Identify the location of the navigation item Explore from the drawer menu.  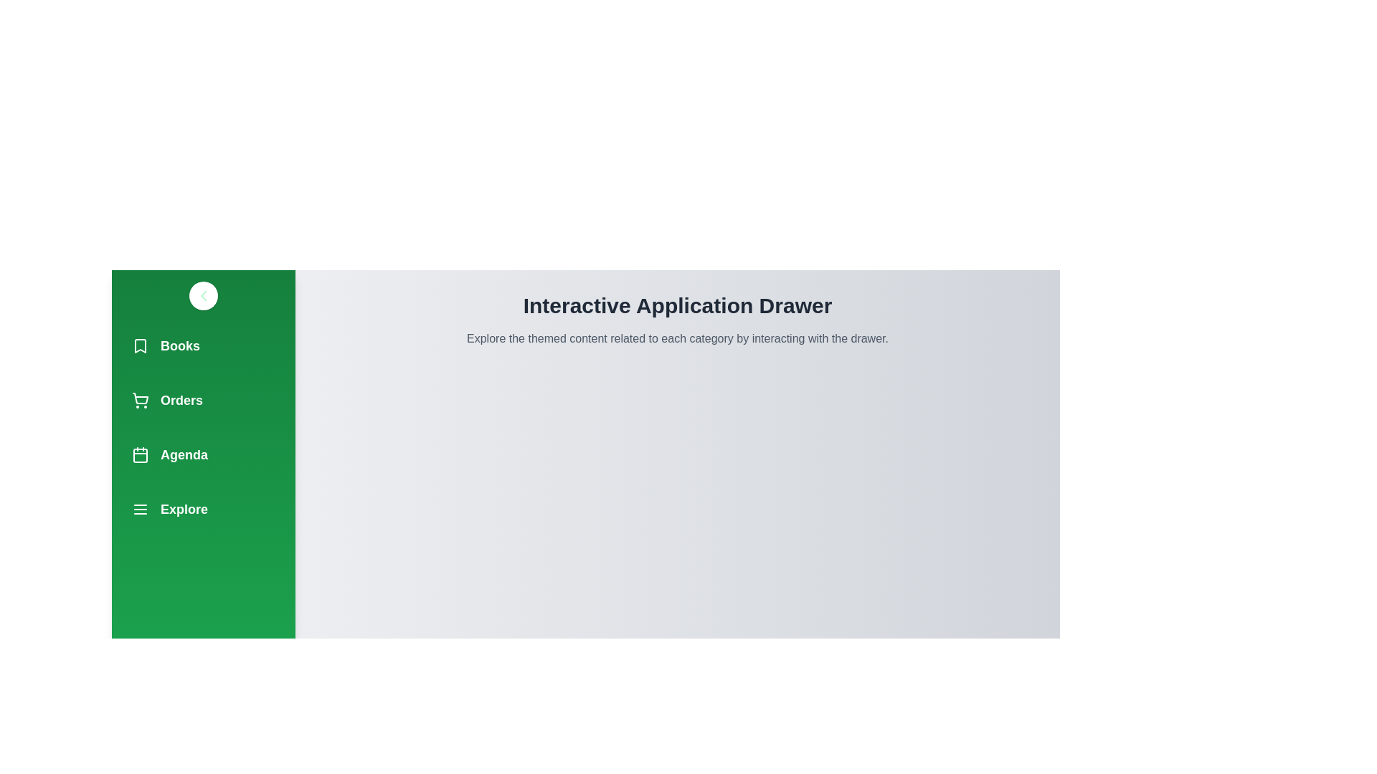
(202, 508).